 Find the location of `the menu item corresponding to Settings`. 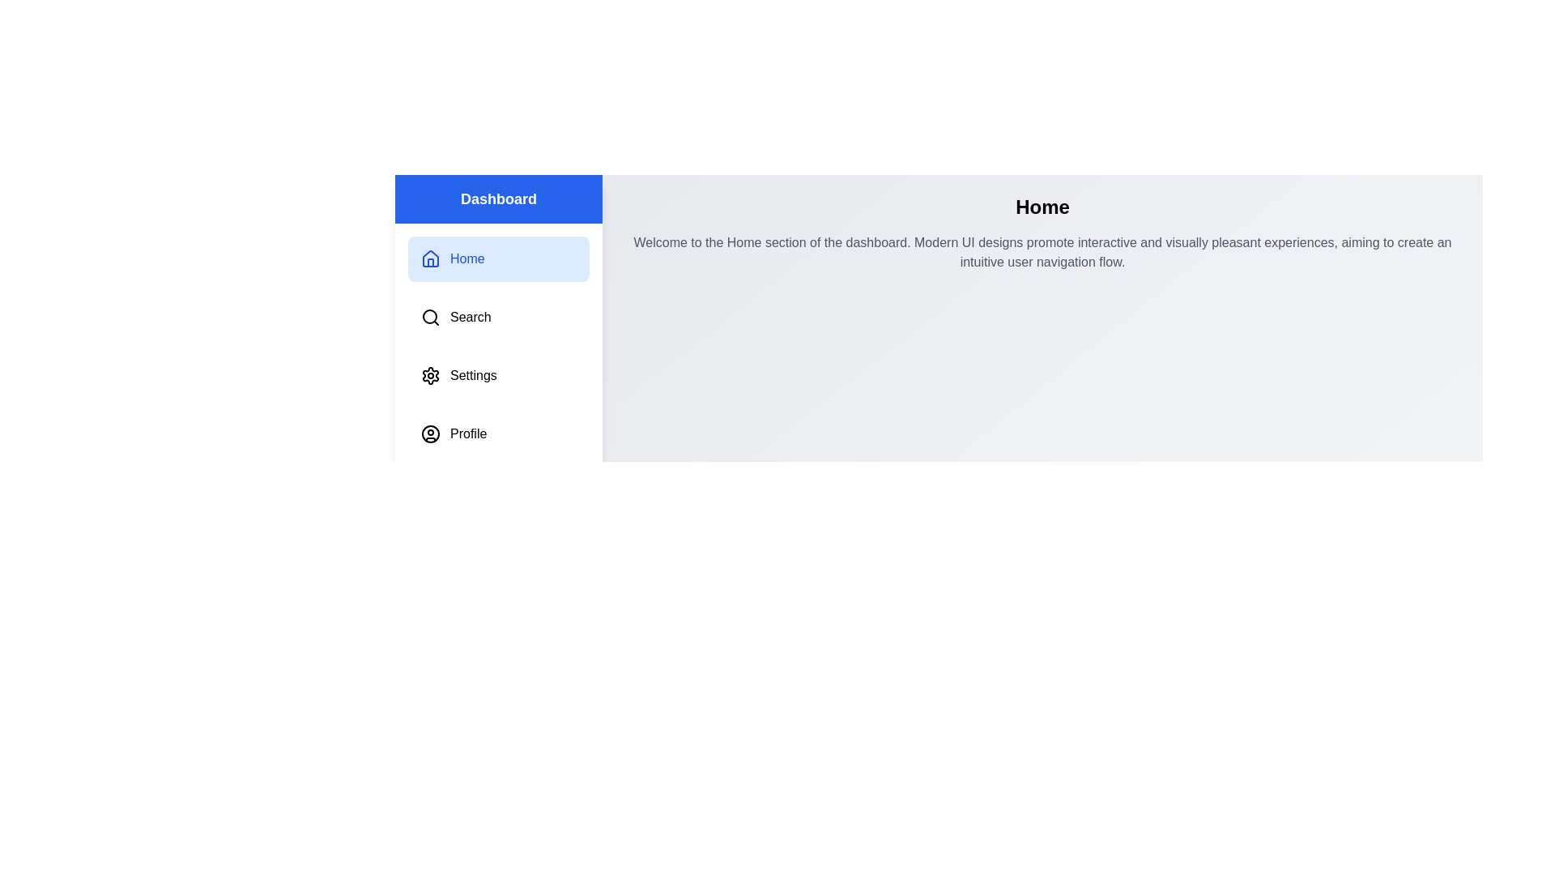

the menu item corresponding to Settings is located at coordinates (497, 375).